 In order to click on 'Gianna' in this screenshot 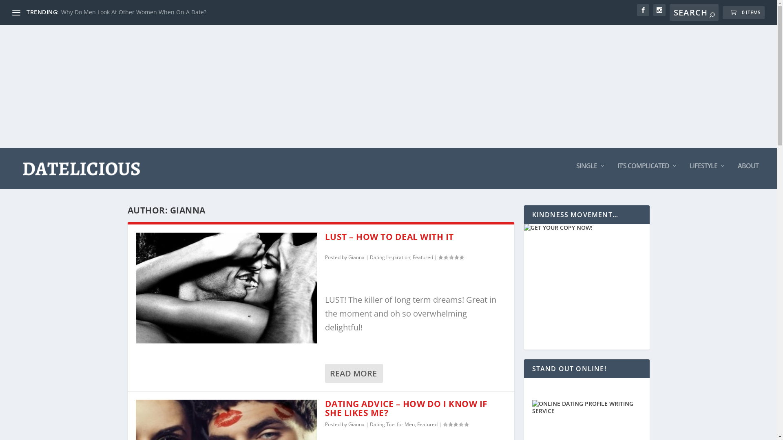, I will do `click(356, 257)`.